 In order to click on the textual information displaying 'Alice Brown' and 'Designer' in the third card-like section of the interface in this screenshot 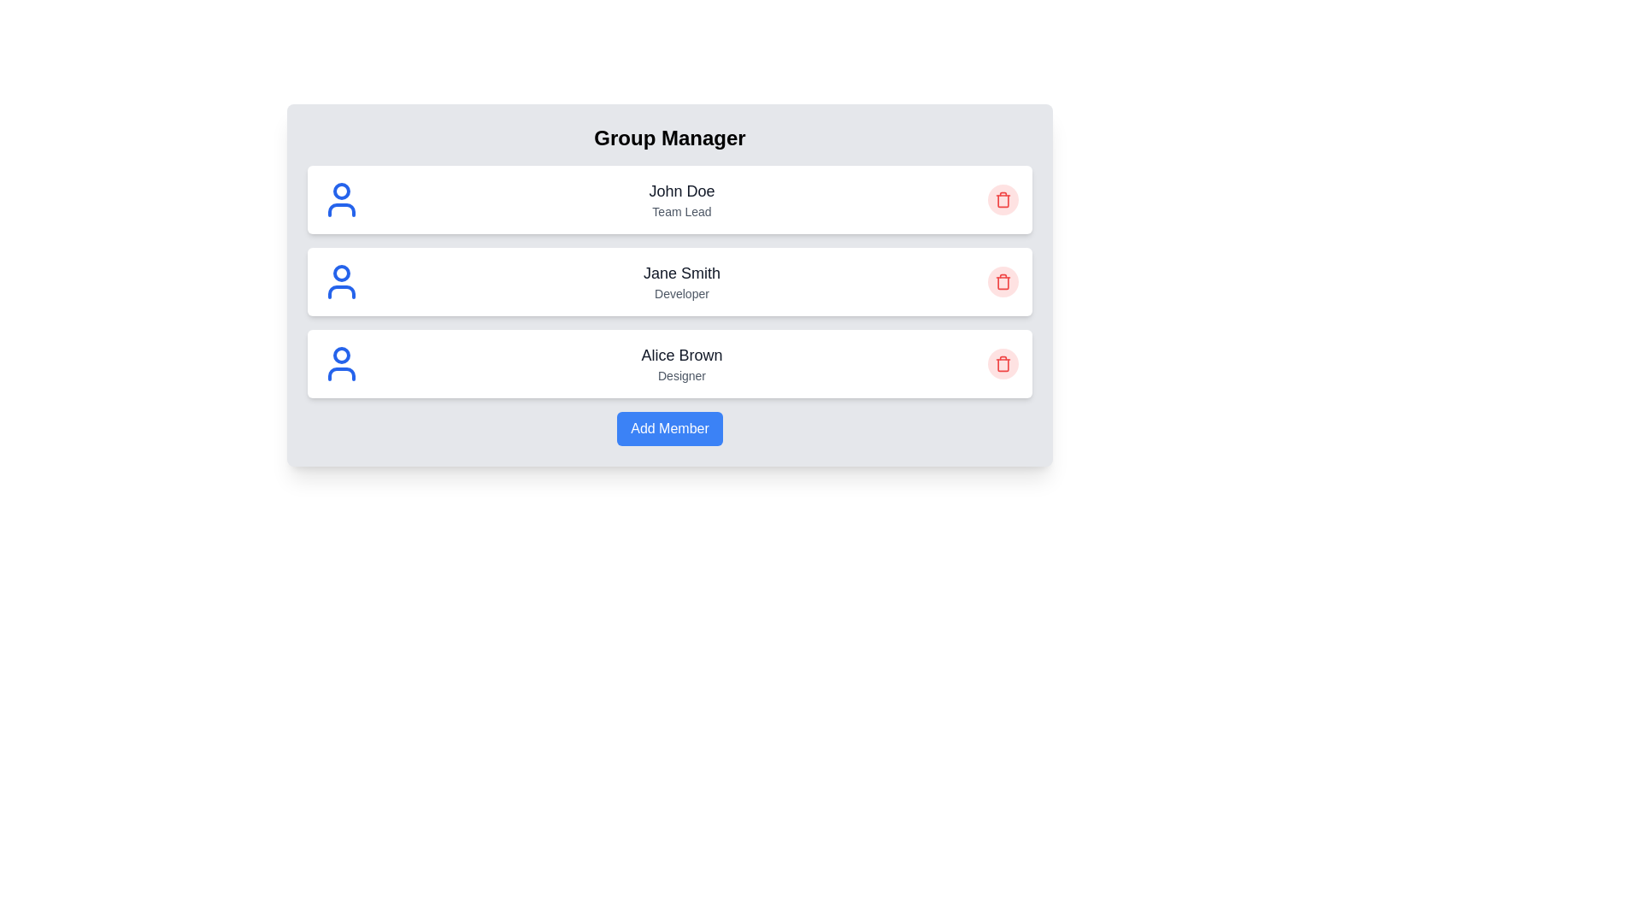, I will do `click(680, 362)`.